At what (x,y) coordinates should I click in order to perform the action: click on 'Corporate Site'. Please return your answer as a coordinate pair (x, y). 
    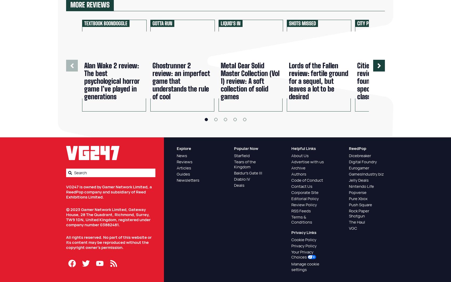
    Looking at the image, I should click on (291, 192).